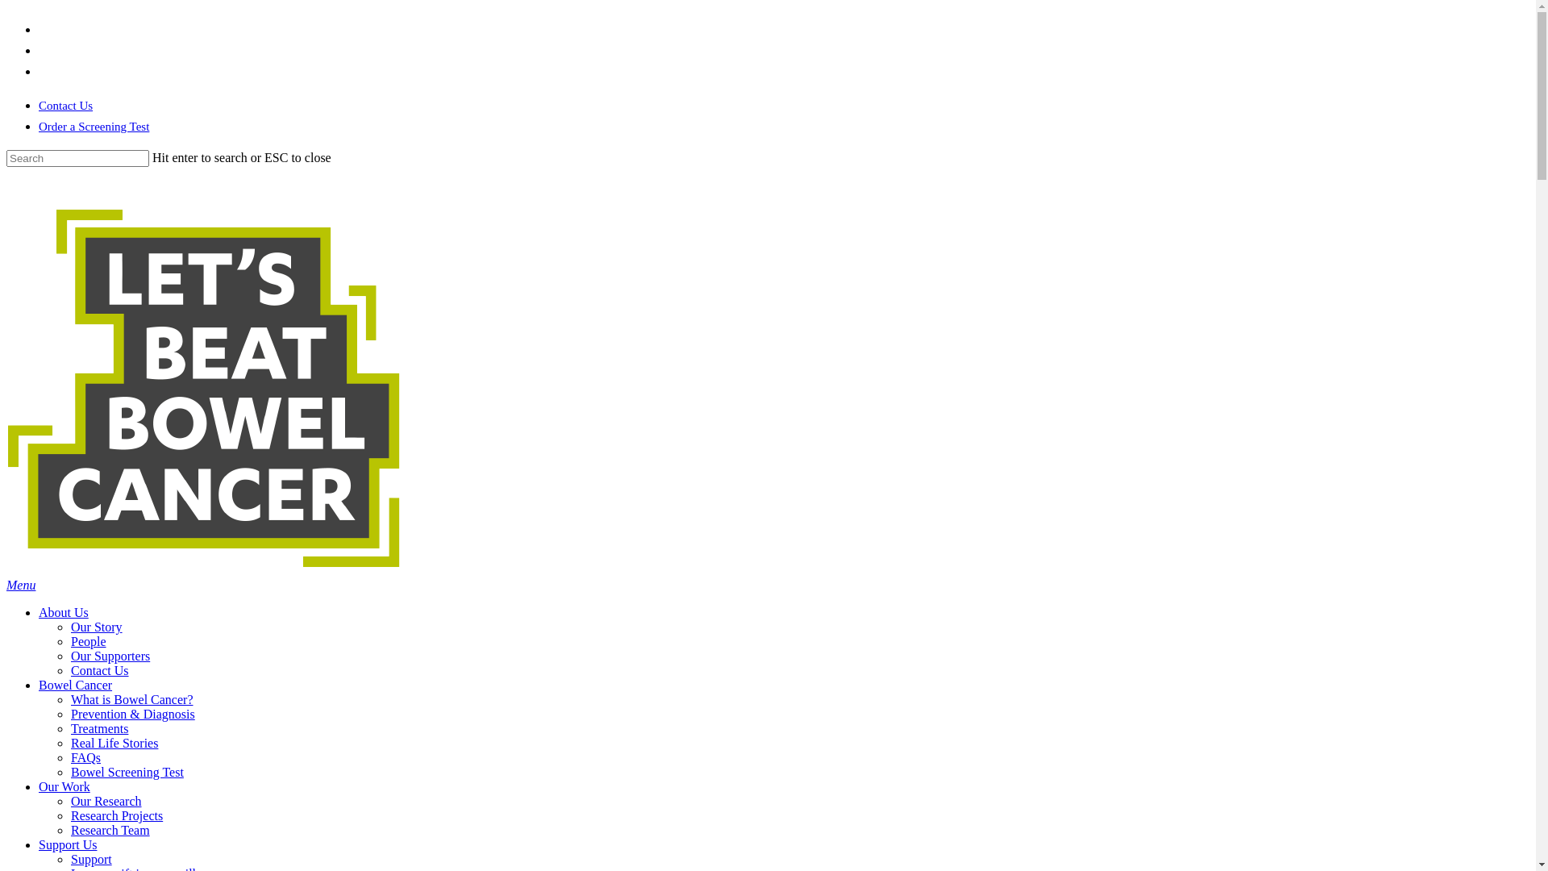  What do you see at coordinates (20, 585) in the screenshot?
I see `'Menu'` at bounding box center [20, 585].